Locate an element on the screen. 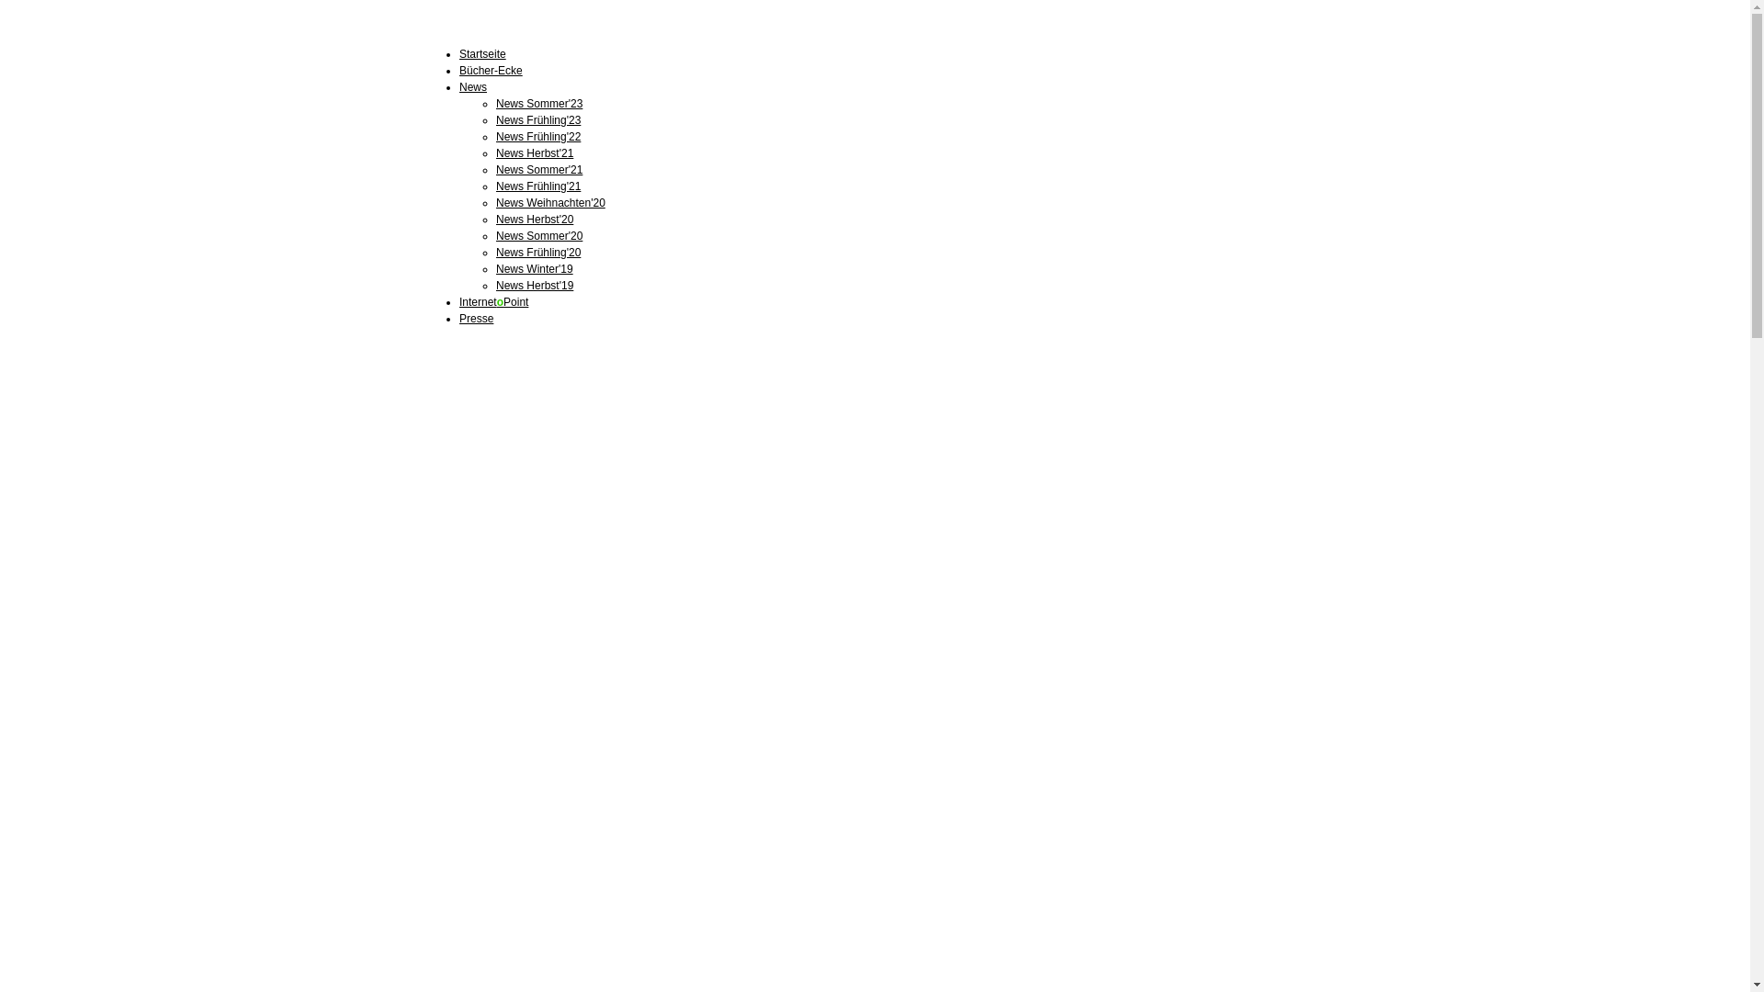 Image resolution: width=1764 pixels, height=992 pixels. 'News Weihnachten'20' is located at coordinates (549, 202).